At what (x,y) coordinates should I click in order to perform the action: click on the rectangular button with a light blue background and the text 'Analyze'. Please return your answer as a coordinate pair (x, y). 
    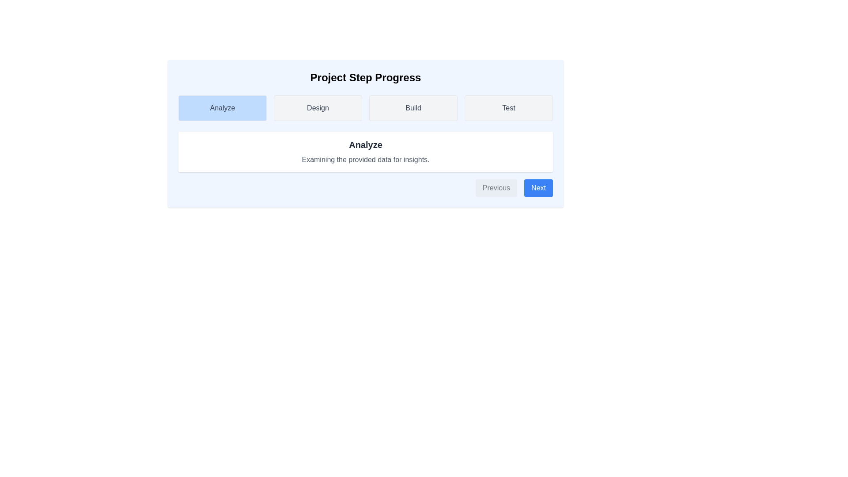
    Looking at the image, I should click on (223, 108).